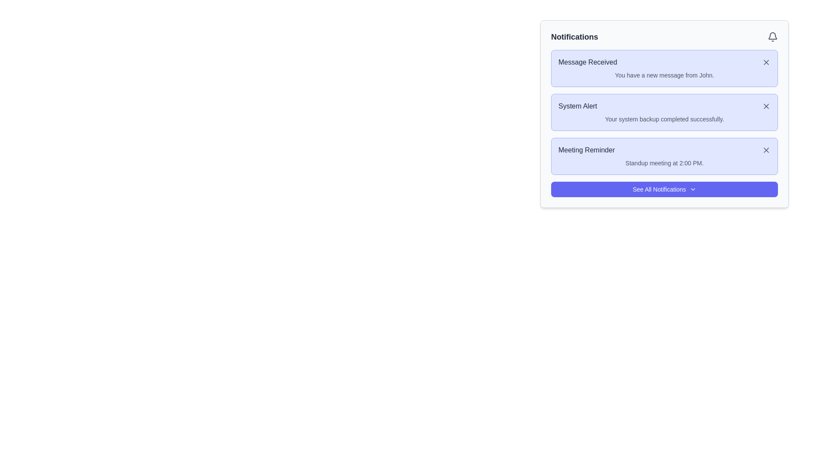 This screenshot has height=465, width=828. I want to click on the Notification card that displays information about a completed system backup, positioned in the middle of the notification list within the notification panel, so click(664, 114).